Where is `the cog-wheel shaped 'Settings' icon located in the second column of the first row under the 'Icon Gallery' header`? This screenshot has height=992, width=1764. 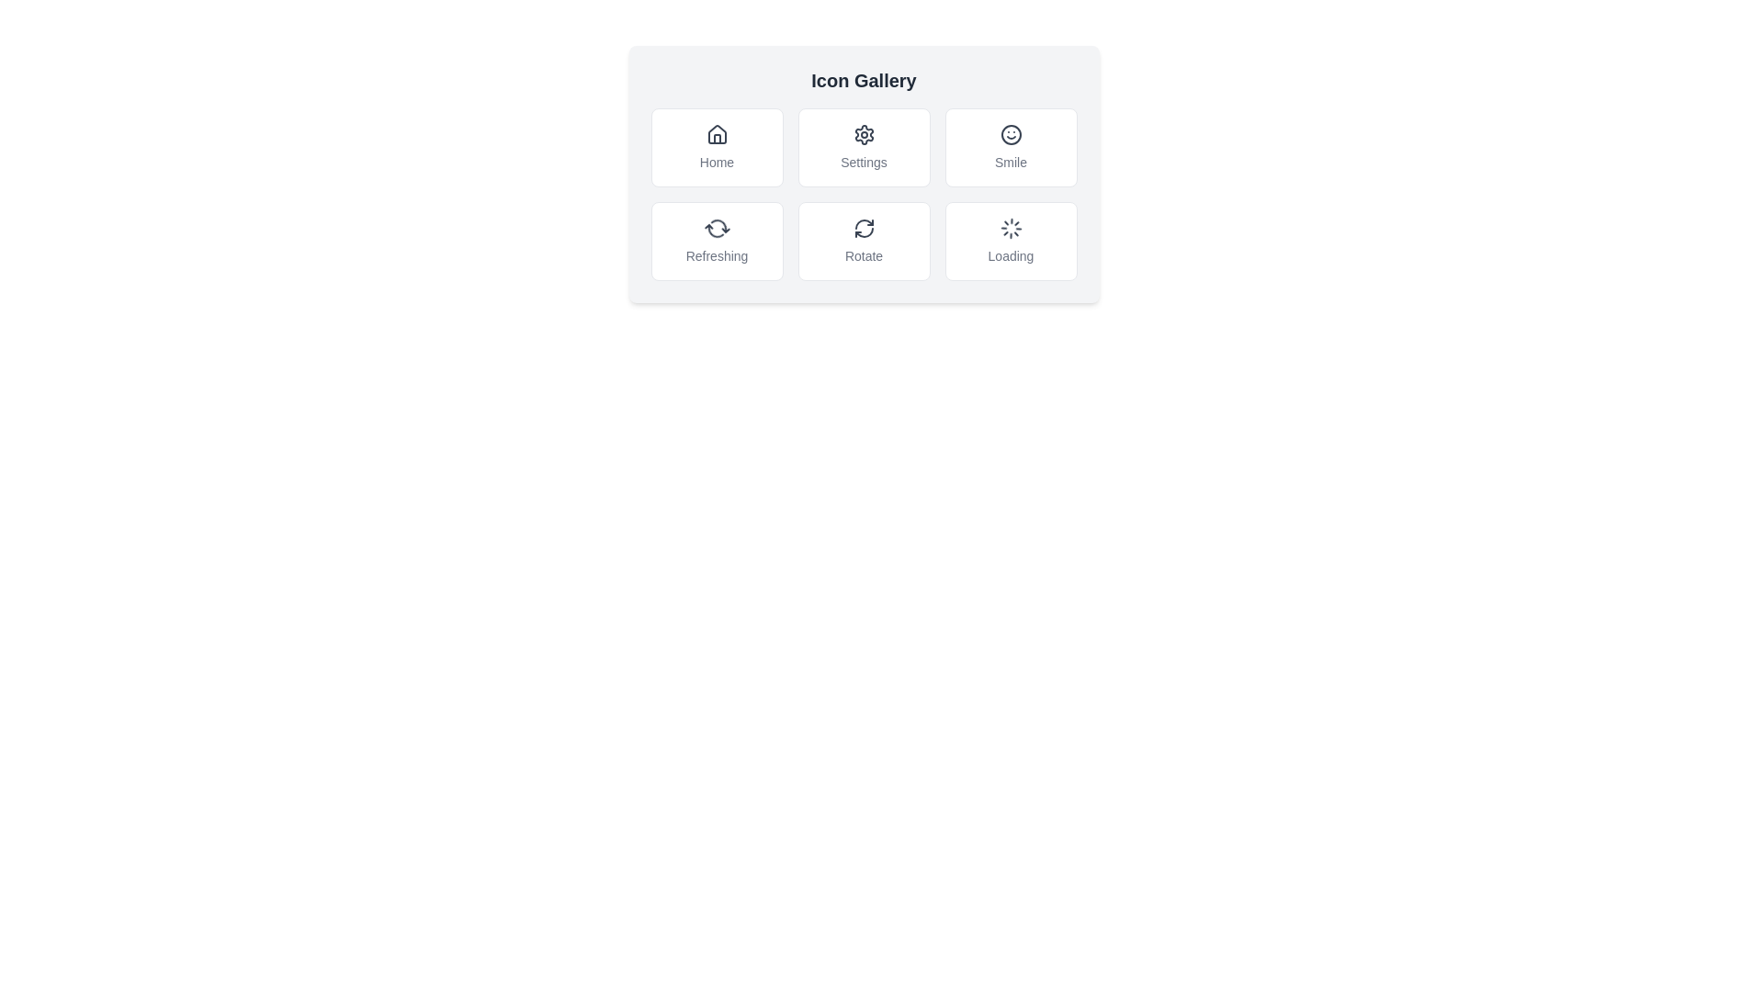 the cog-wheel shaped 'Settings' icon located in the second column of the first row under the 'Icon Gallery' header is located at coordinates (863, 133).